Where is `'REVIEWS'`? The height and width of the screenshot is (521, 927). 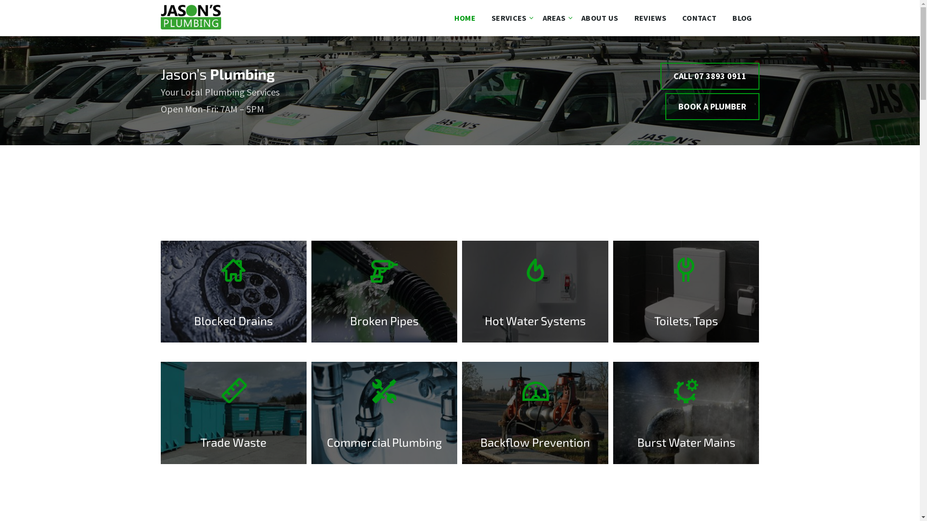
'REVIEWS' is located at coordinates (650, 18).